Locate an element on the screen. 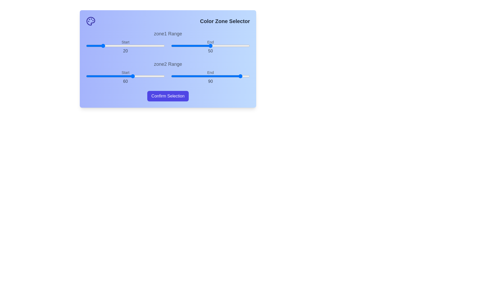  the end range slider for zone2 to 24 is located at coordinates (190, 76).